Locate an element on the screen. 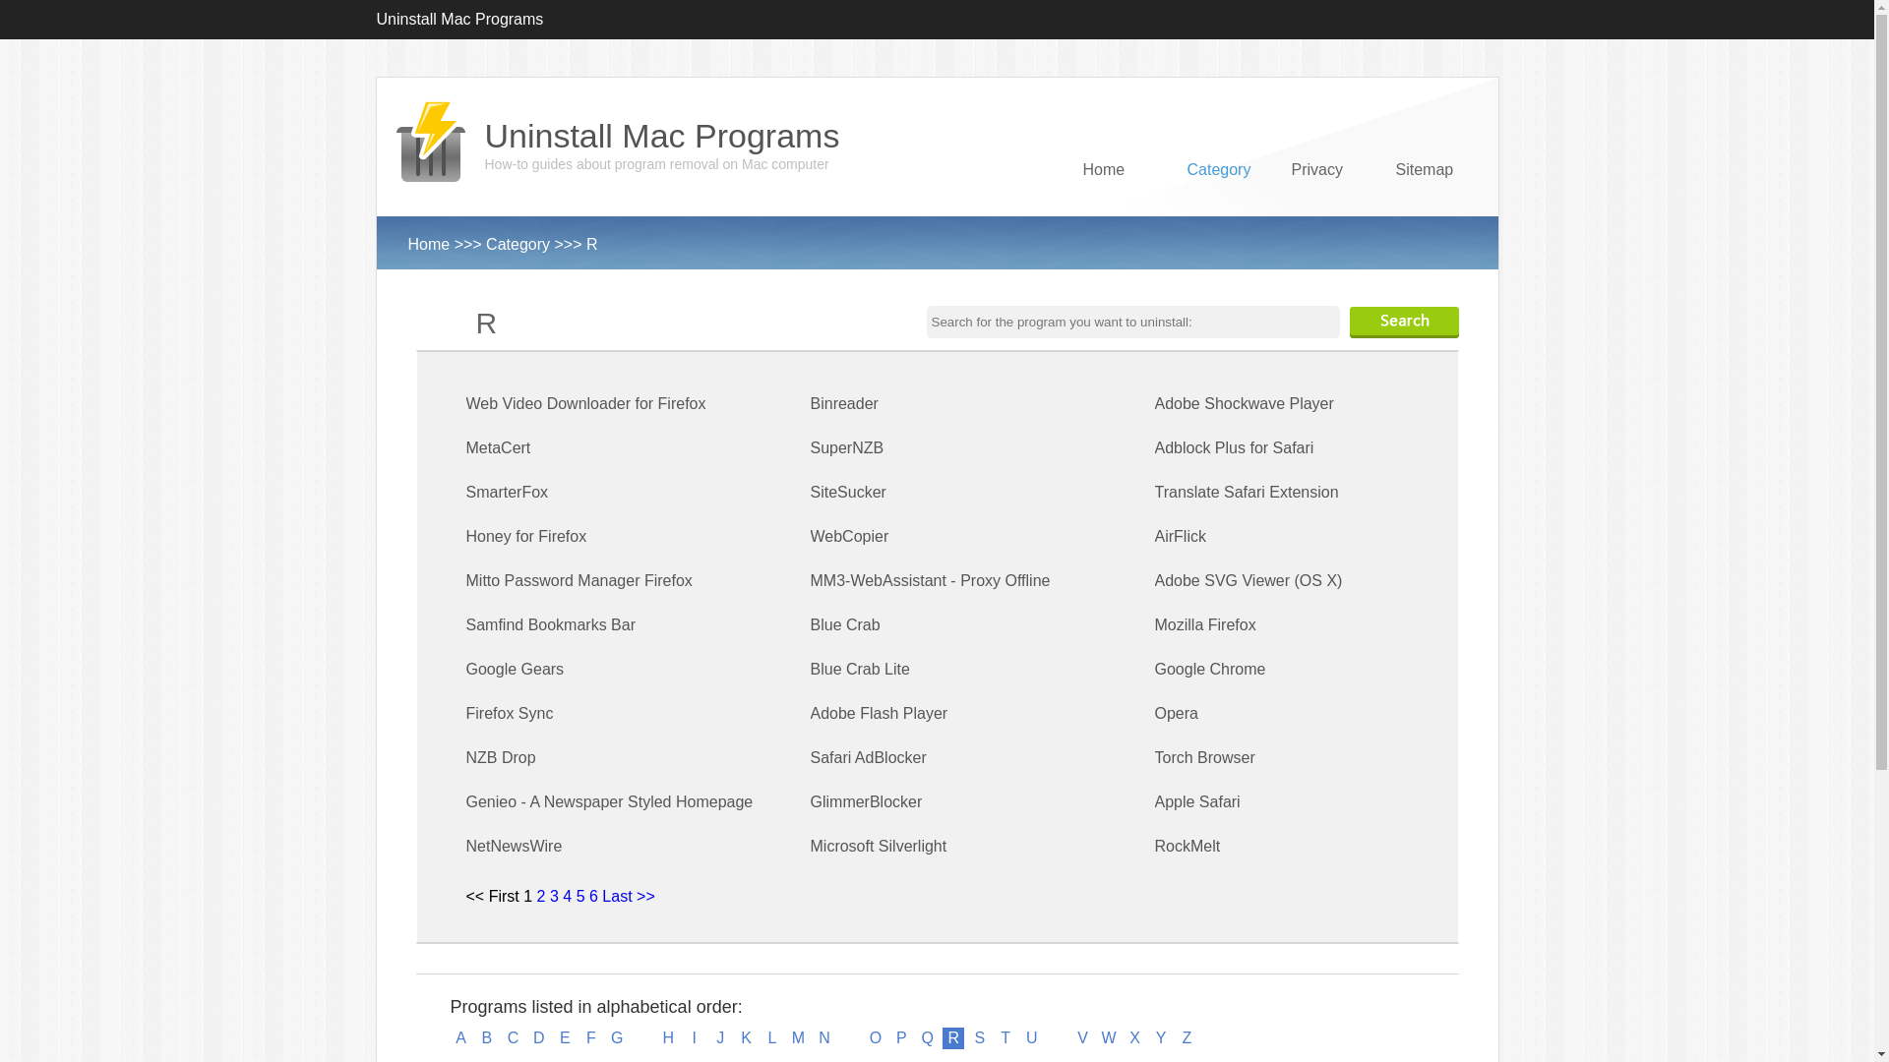 This screenshot has width=1889, height=1062. 'V' is located at coordinates (1081, 1037).